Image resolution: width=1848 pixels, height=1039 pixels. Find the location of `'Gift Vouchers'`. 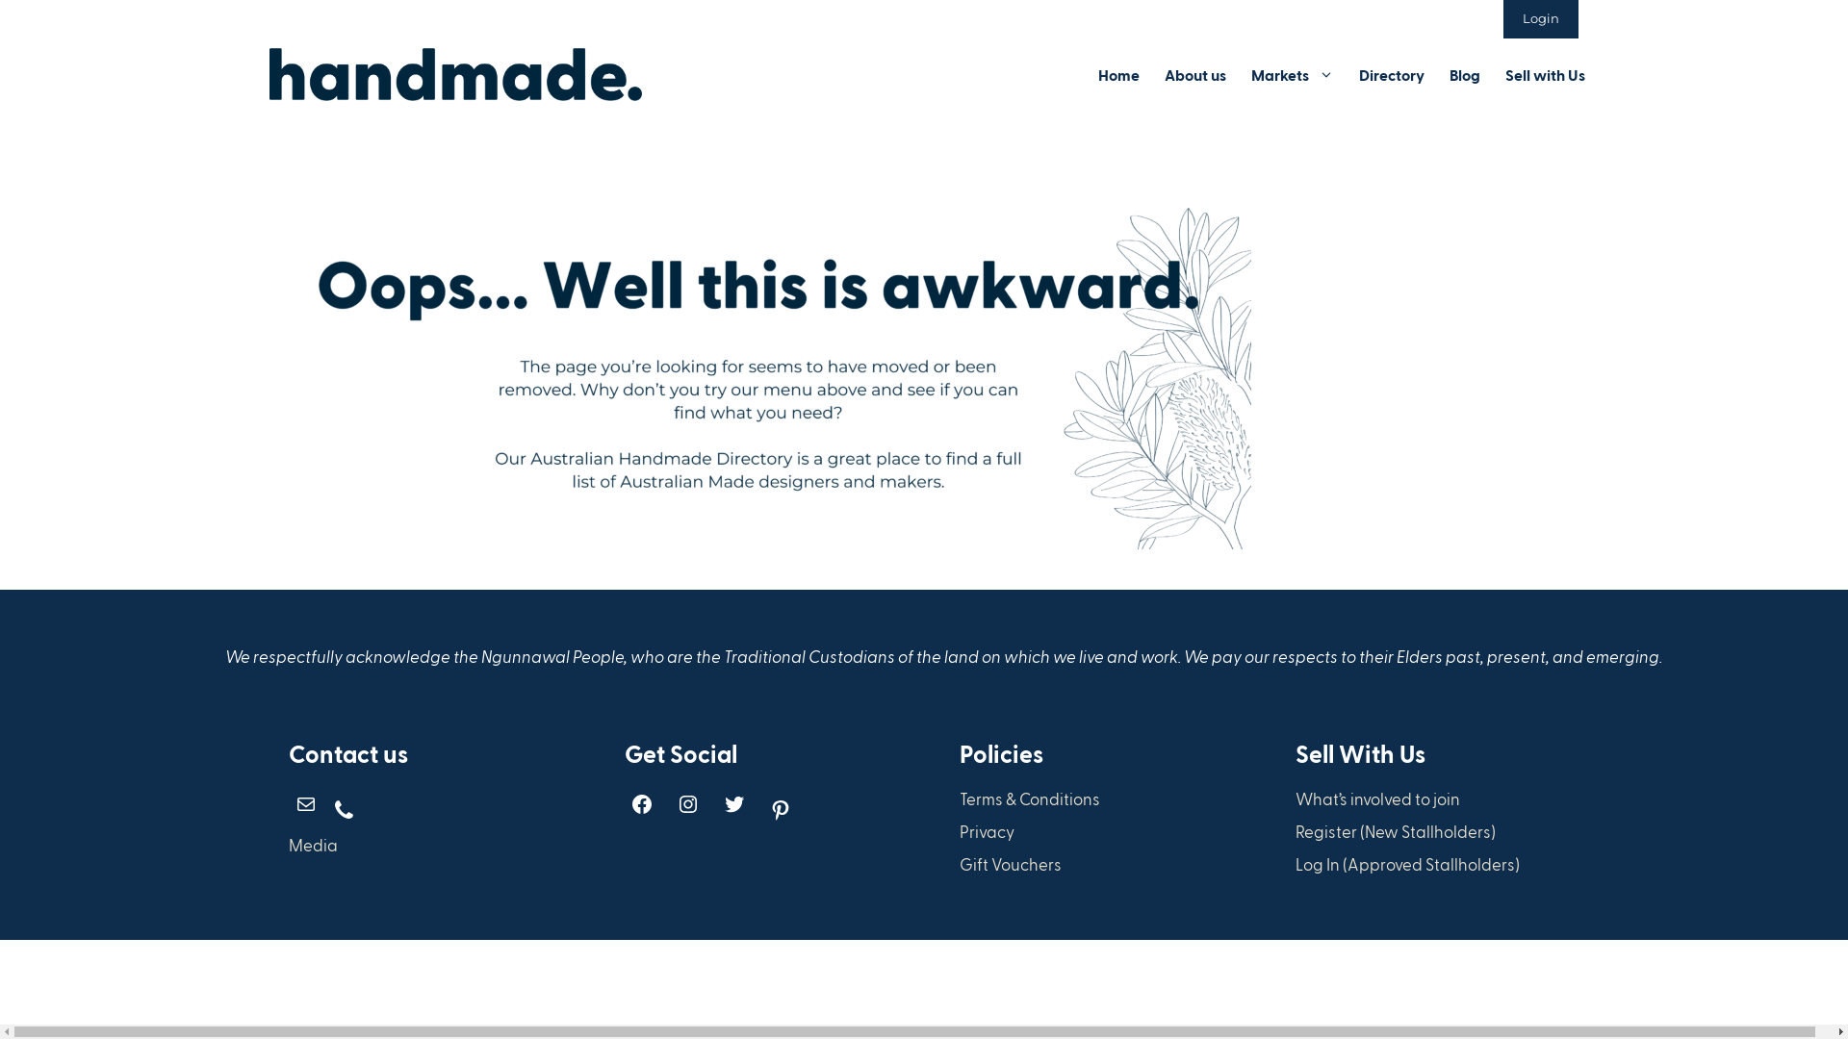

'Gift Vouchers' is located at coordinates (1010, 863).